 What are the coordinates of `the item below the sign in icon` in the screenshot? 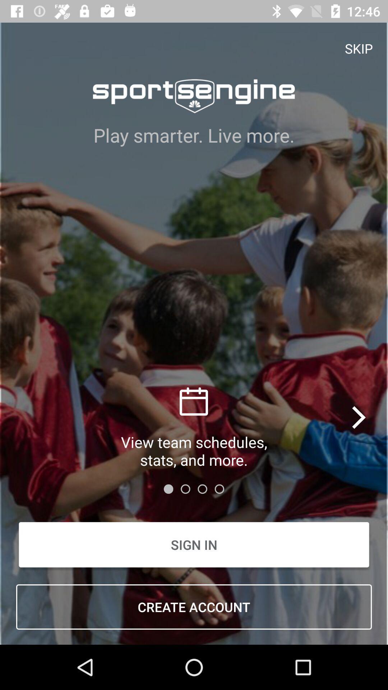 It's located at (194, 607).